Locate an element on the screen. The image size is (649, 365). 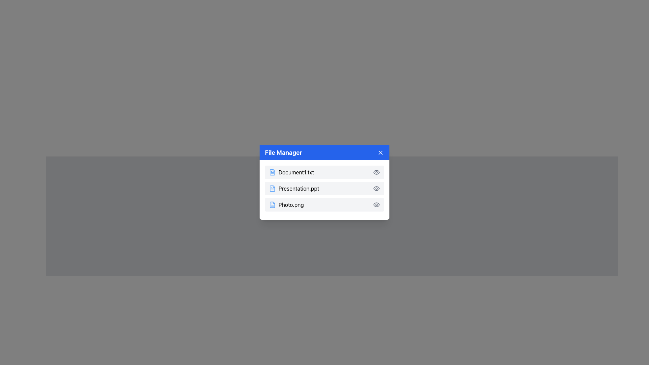
the file type icon representing the 'Photo.png' item in the file manager interface, which is located at the leftmost position and is immediately followed by the text label 'Photo.png' is located at coordinates (272, 204).